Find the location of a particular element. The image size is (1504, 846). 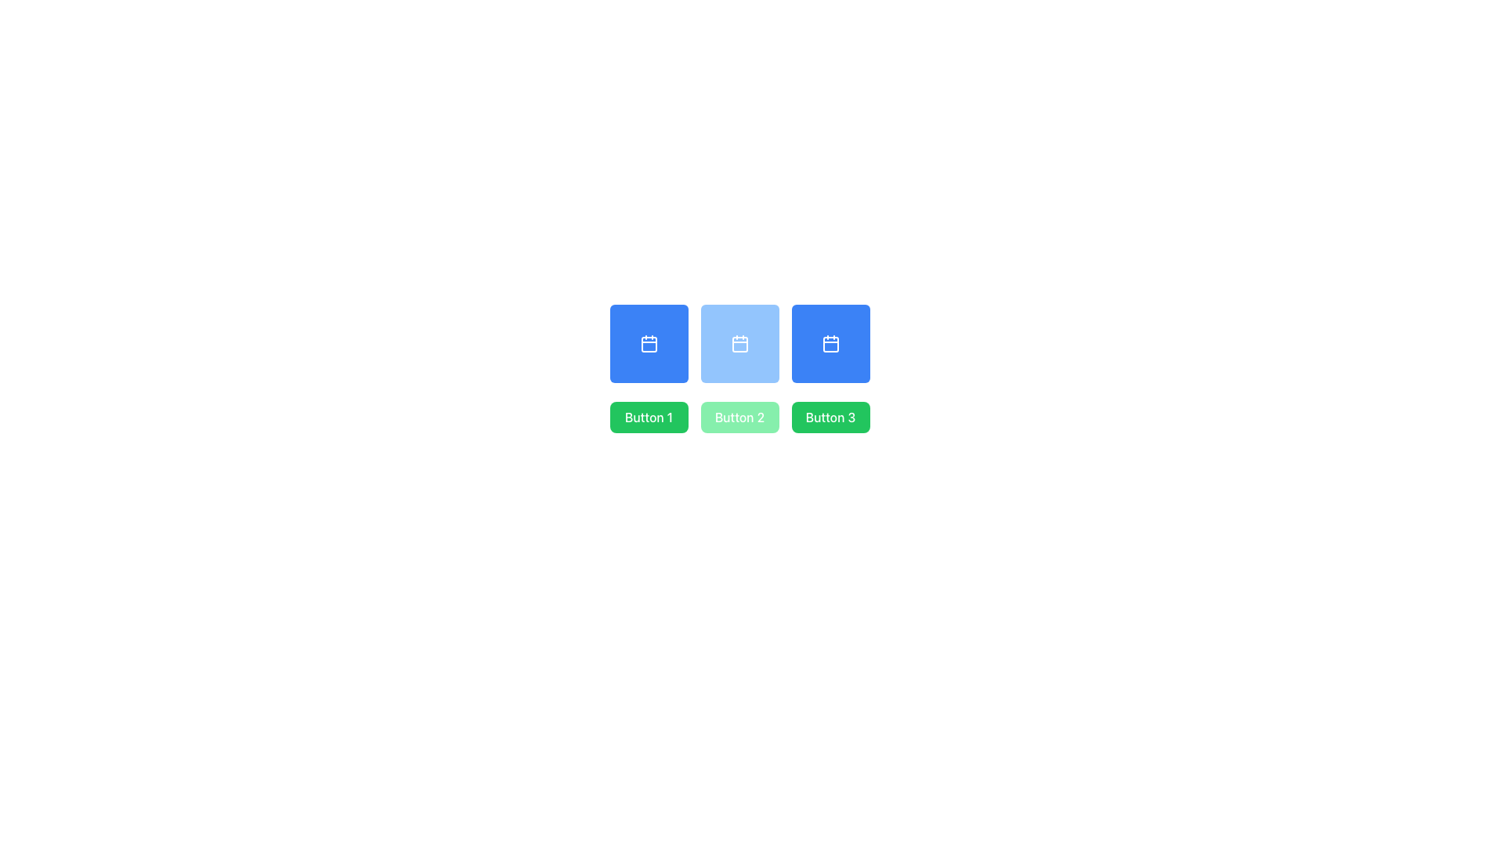

the second graphical icon in a horizontal row of three square elements, which represents a calendar or date-related feature is located at coordinates (739, 343).